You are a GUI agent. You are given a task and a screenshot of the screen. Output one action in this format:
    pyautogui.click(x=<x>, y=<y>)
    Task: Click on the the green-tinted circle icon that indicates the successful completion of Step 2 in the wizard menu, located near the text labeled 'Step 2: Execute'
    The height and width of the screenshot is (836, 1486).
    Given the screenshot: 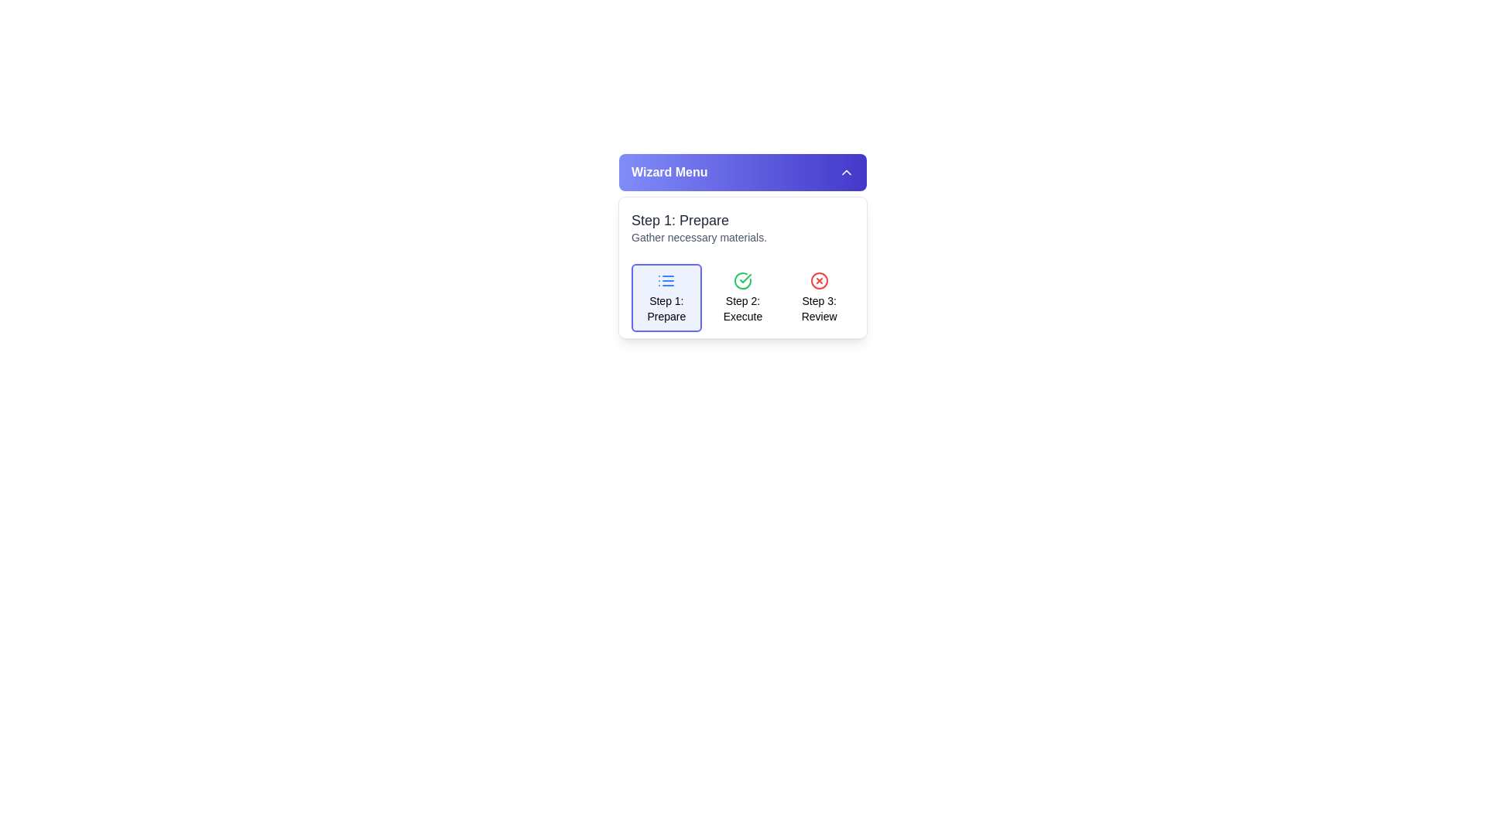 What is the action you would take?
    pyautogui.click(x=745, y=277)
    